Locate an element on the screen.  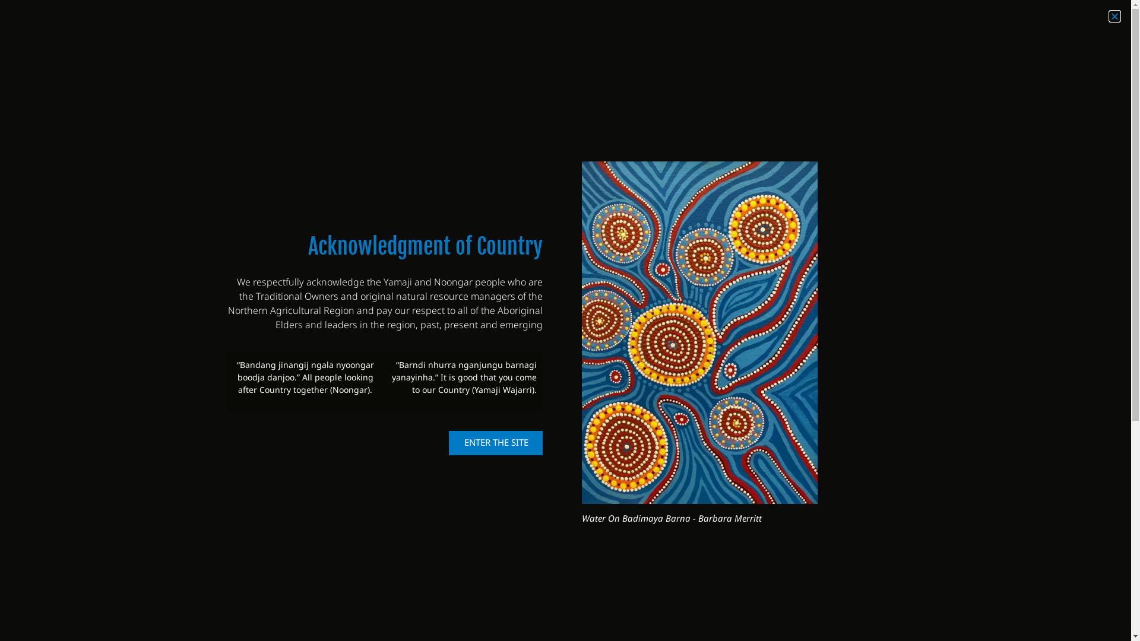
'REPORT CARD' is located at coordinates (792, 61).